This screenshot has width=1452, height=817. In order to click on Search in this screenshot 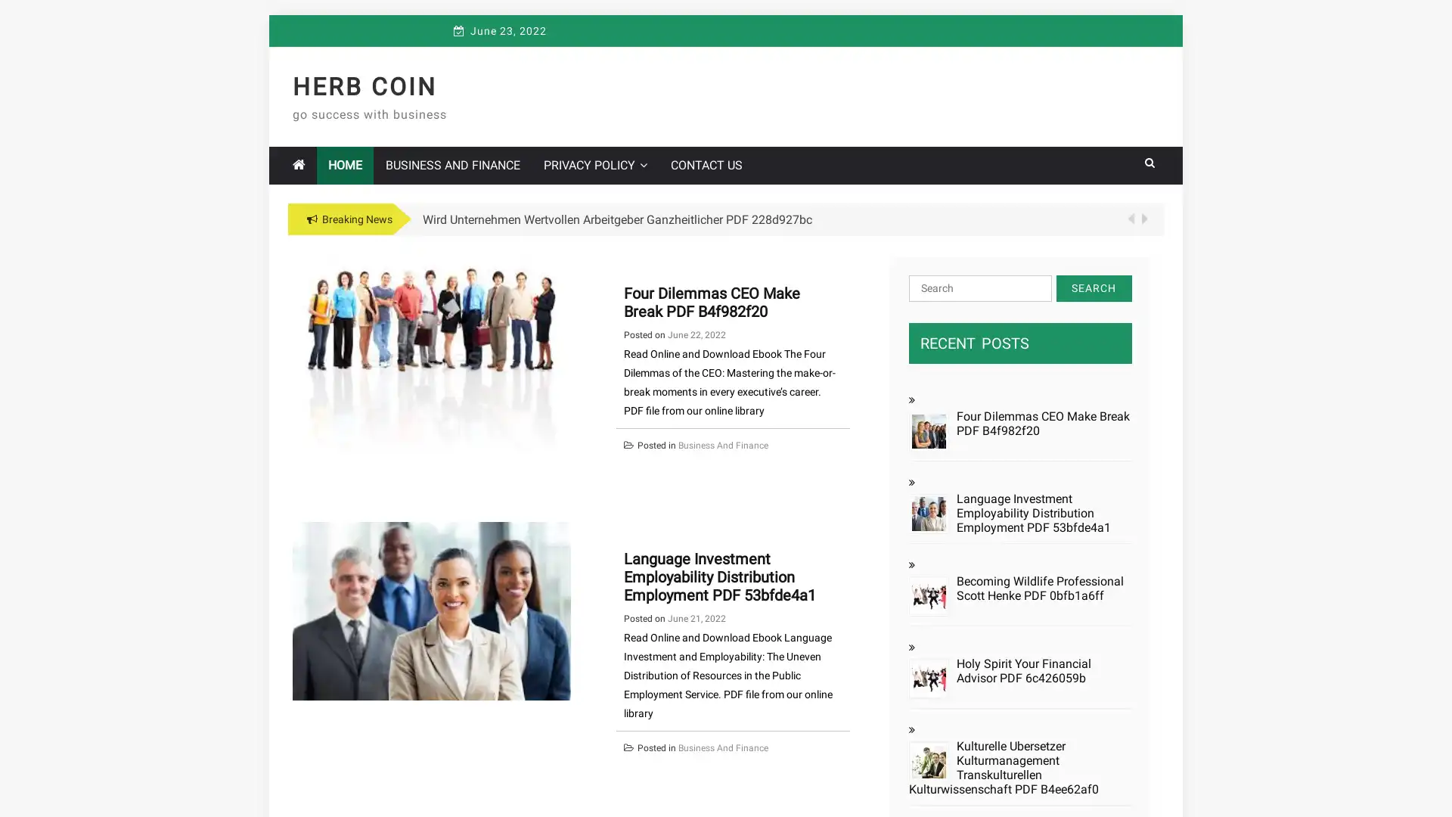, I will do `click(1093, 287)`.